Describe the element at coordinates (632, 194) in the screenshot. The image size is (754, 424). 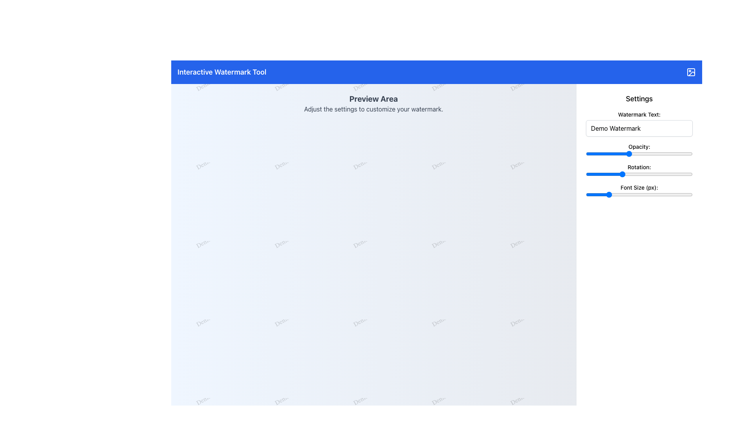
I see `font size` at that location.